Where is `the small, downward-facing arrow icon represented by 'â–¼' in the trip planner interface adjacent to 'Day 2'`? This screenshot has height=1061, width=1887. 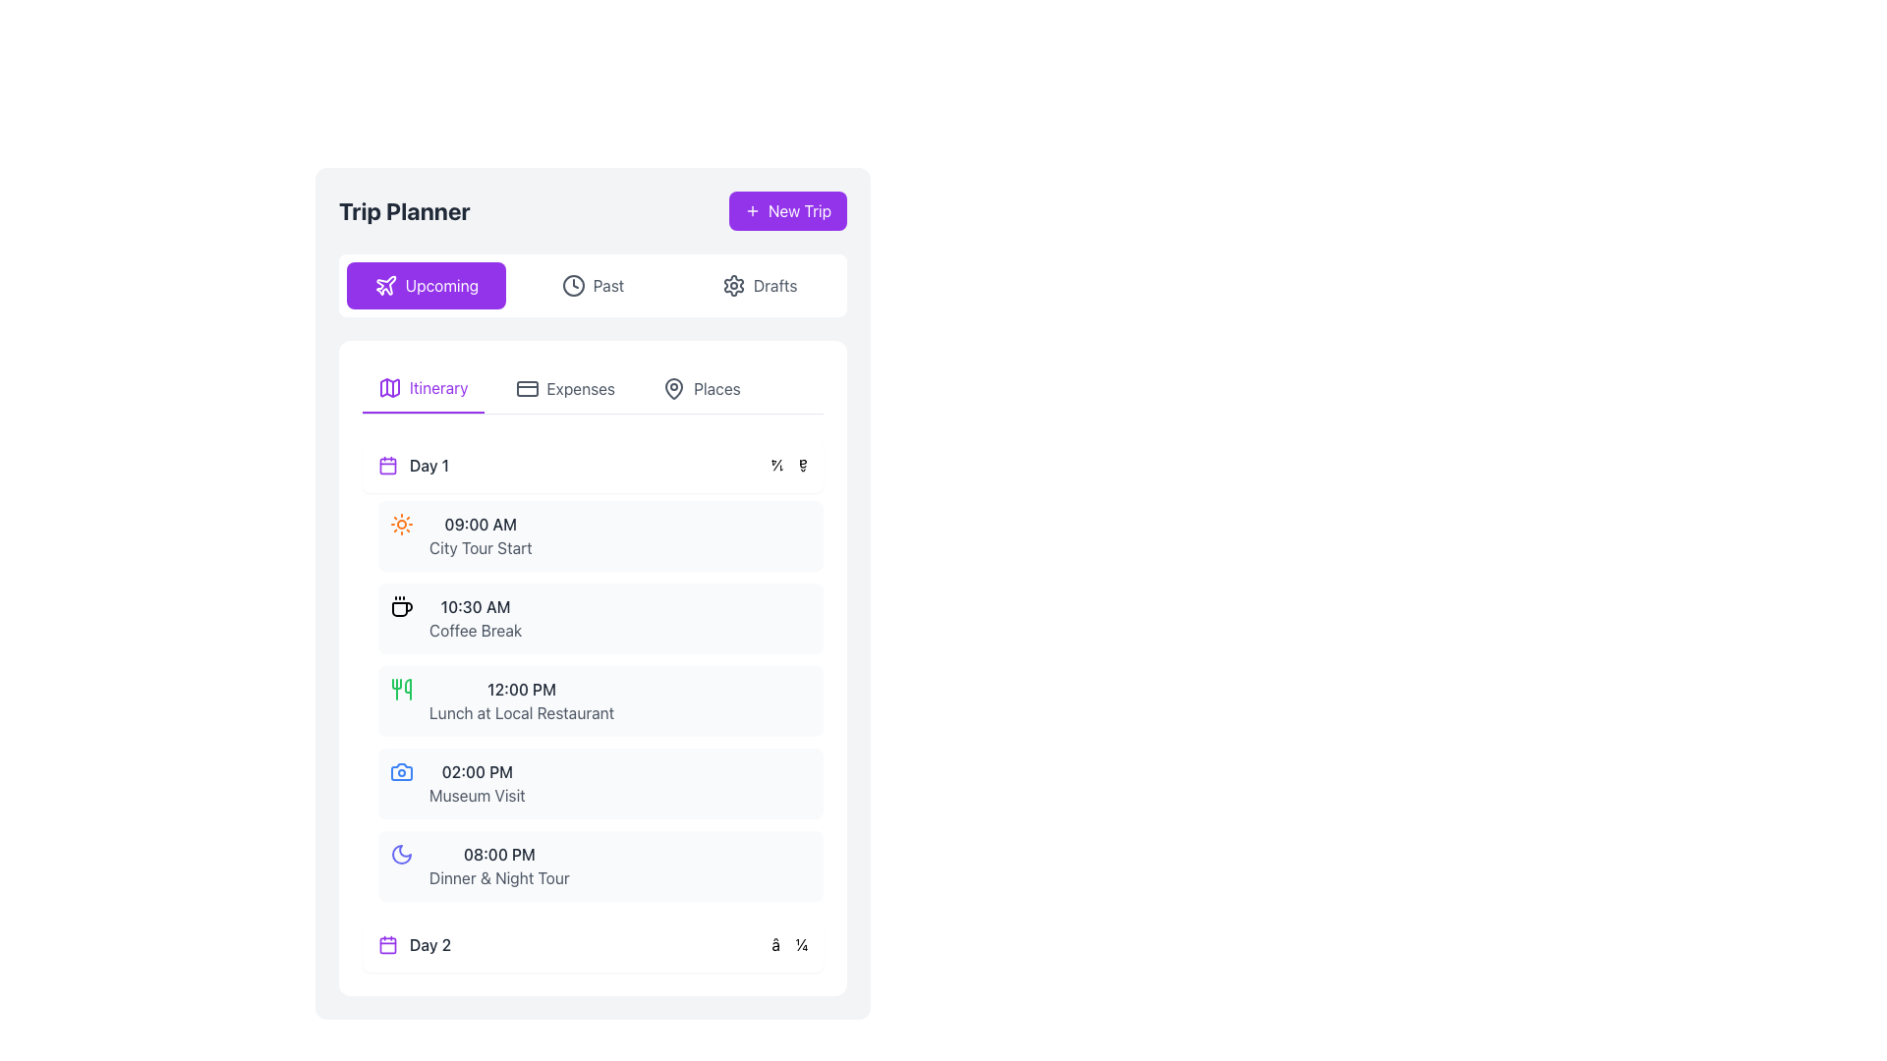
the small, downward-facing arrow icon represented by 'â–¼' in the trip planner interface adjacent to 'Day 2' is located at coordinates (789, 943).